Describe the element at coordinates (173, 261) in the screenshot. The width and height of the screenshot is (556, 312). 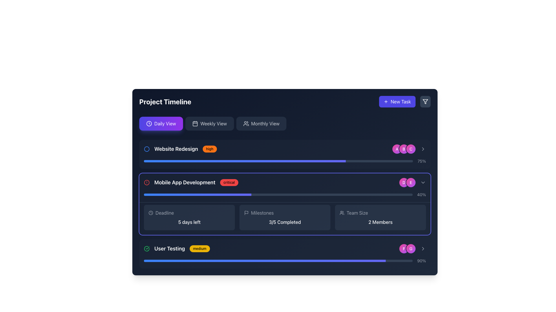
I see `the progress value` at that location.